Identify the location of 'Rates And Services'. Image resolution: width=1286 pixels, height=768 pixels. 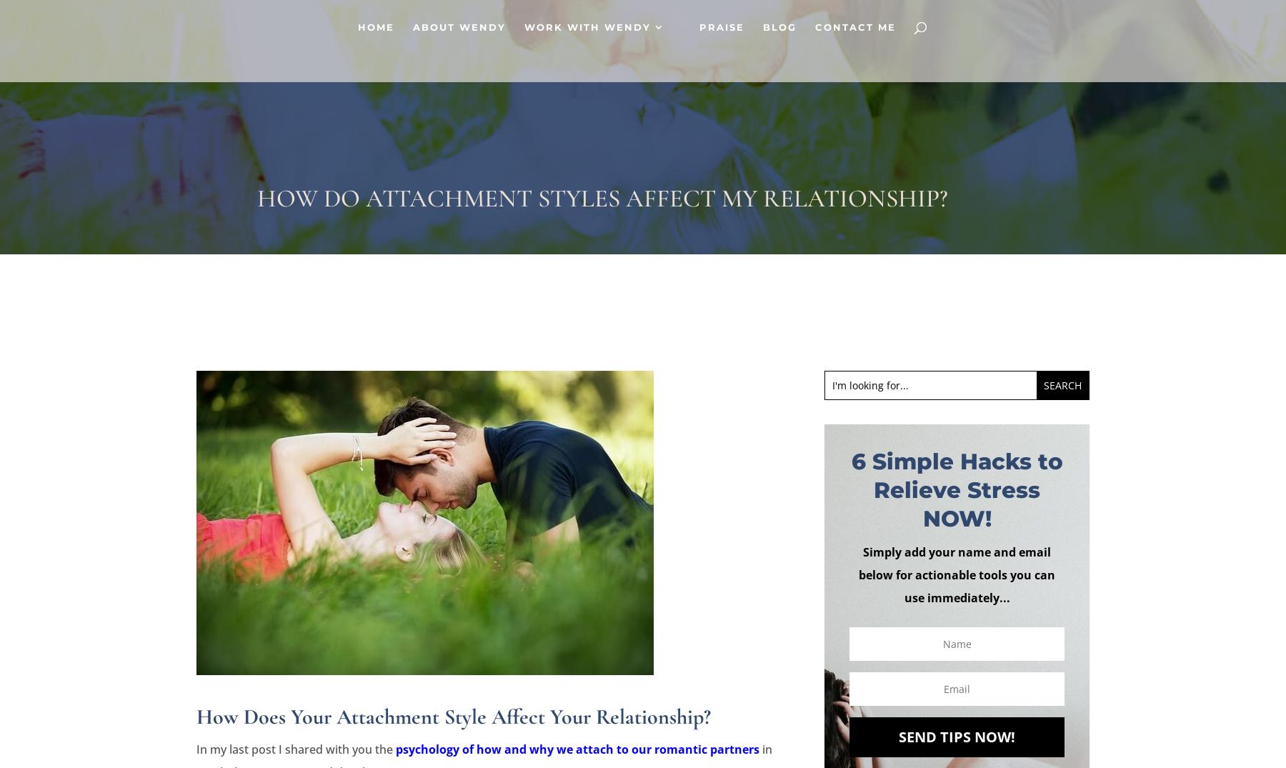
(551, 285).